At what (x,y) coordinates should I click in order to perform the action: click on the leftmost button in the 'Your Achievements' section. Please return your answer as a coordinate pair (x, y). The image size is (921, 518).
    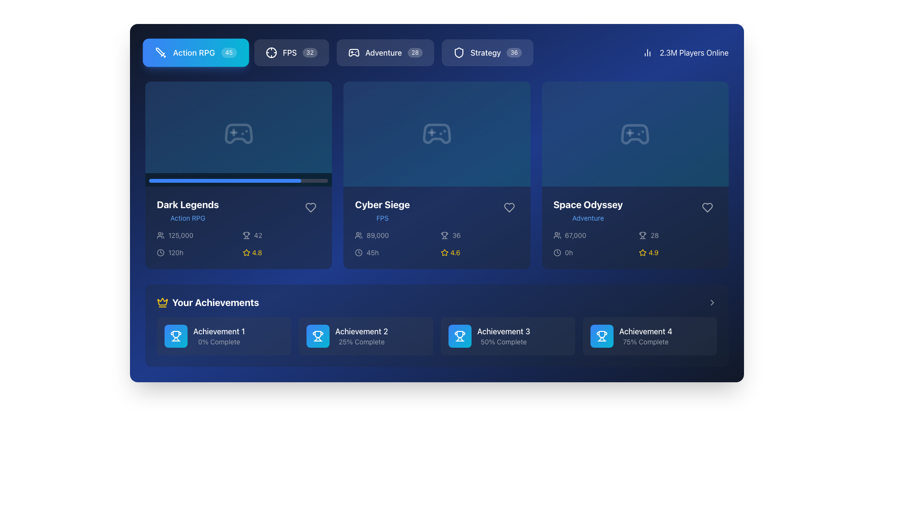
    Looking at the image, I should click on (223, 336).